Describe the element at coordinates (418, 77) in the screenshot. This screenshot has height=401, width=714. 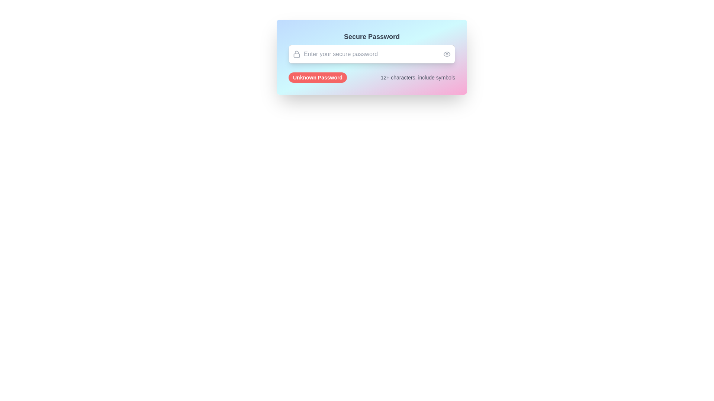
I see `the informational text element providing password requirements, located to the right of the 'Unknown Password' badge in the password creation section` at that location.